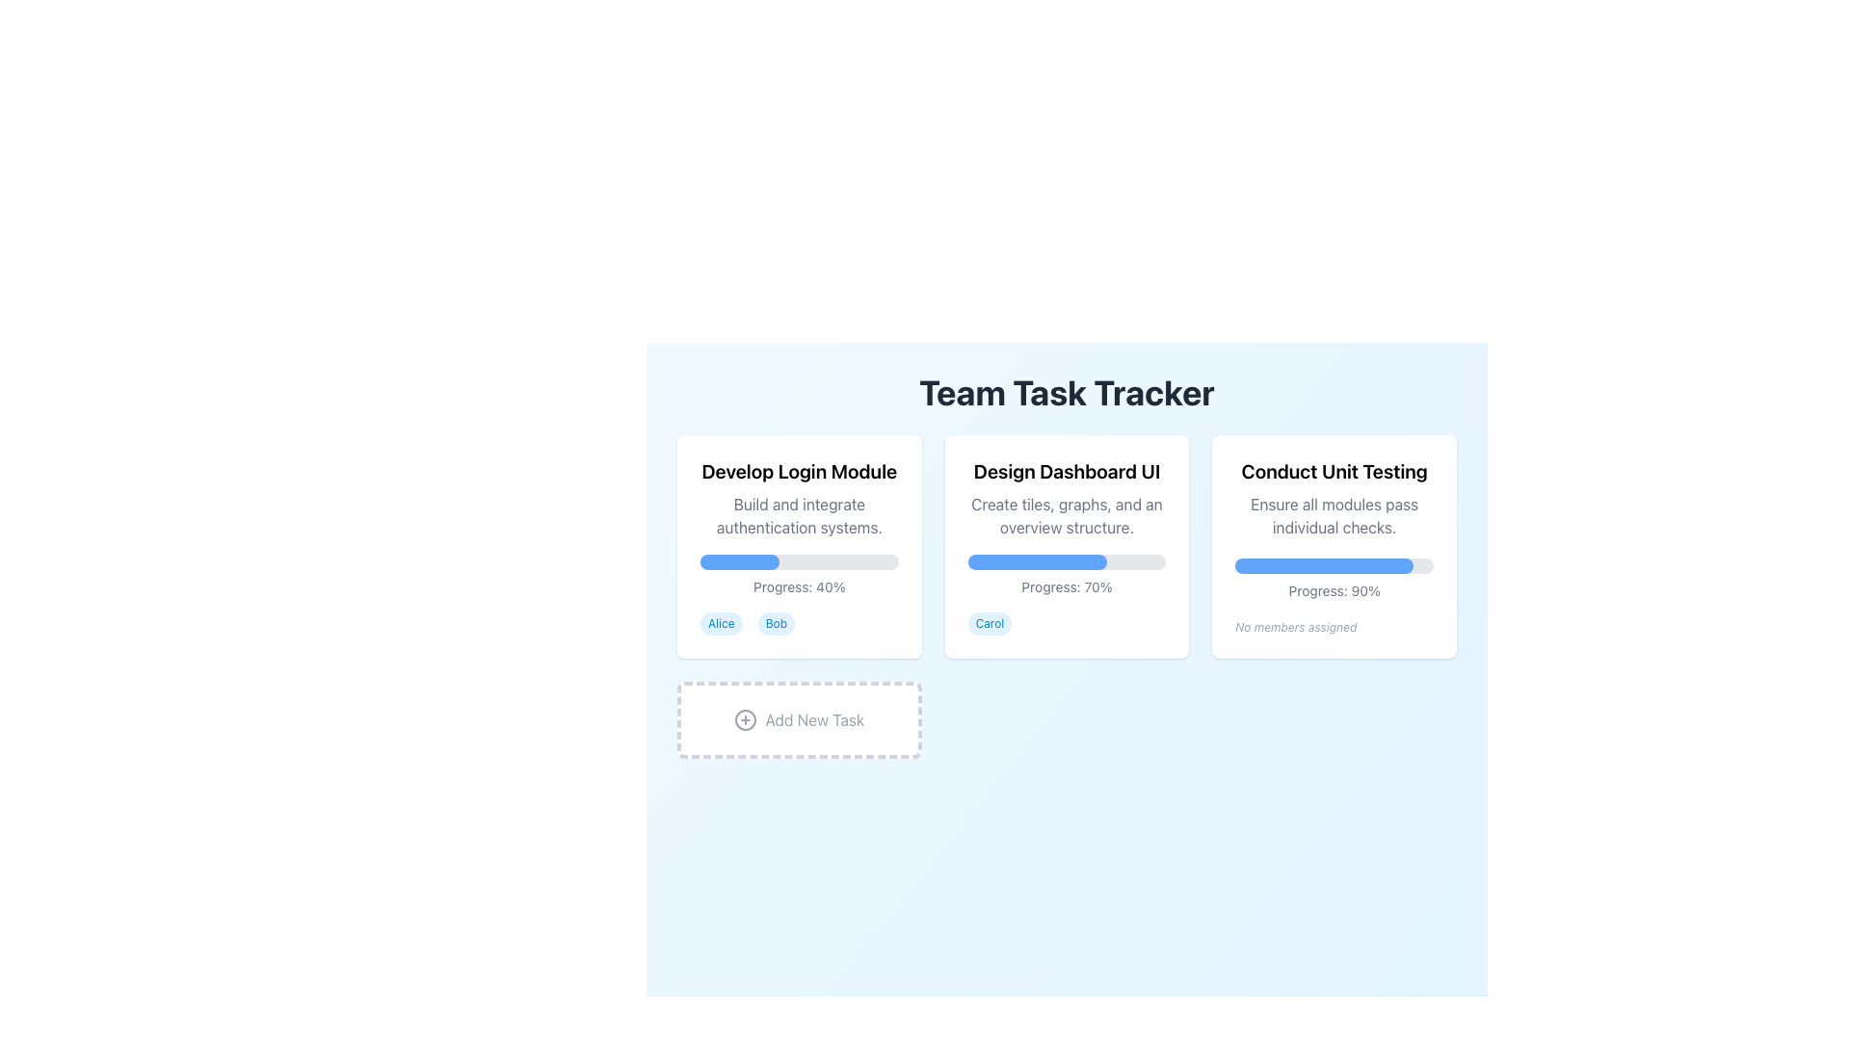 This screenshot has width=1850, height=1040. I want to click on the Static Text Display showing 'Progress: 70%' which is styled in small gray text, located below the progress bar in the team task tracker card layout, so click(1066, 585).